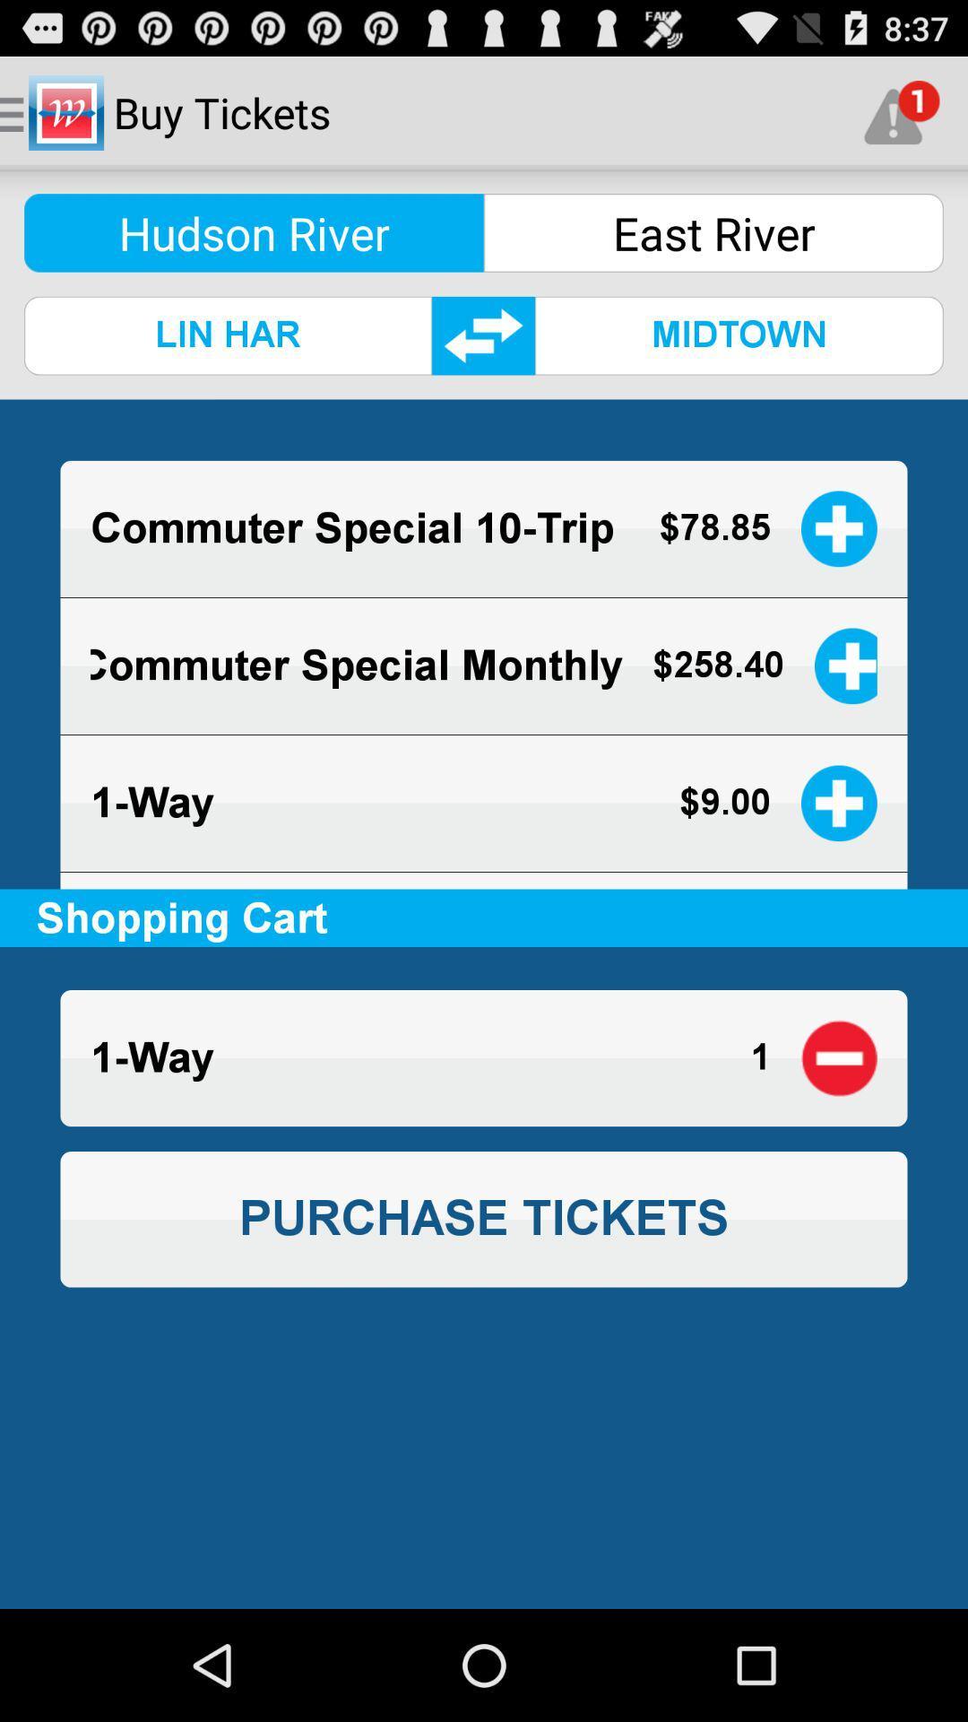 This screenshot has width=968, height=1722. I want to click on the swap icon, so click(482, 359).